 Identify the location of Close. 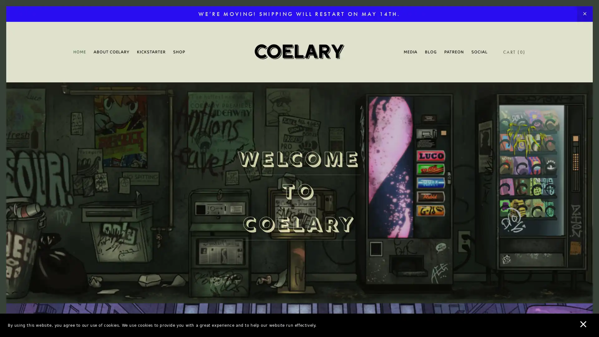
(409, 73).